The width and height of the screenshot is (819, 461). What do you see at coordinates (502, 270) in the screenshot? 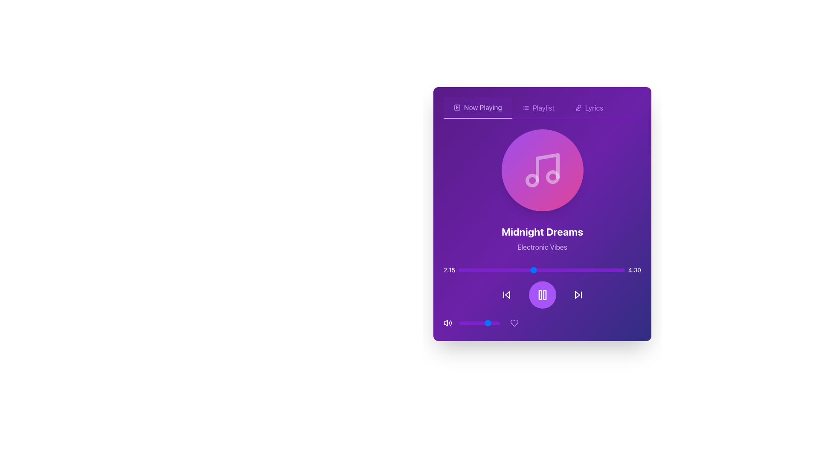
I see `progress` at bounding box center [502, 270].